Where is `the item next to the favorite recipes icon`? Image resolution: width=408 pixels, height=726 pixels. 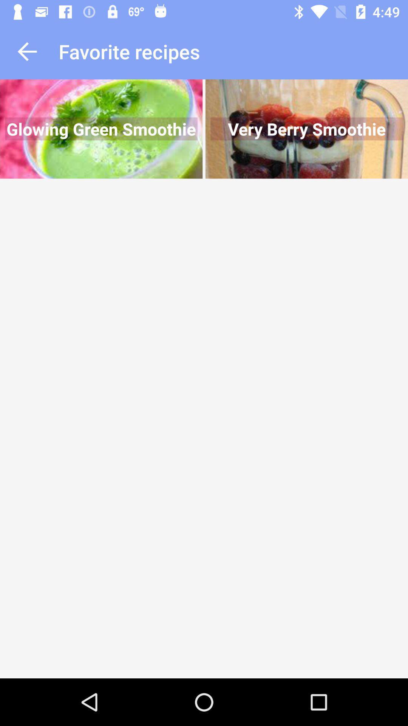
the item next to the favorite recipes icon is located at coordinates (27, 51).